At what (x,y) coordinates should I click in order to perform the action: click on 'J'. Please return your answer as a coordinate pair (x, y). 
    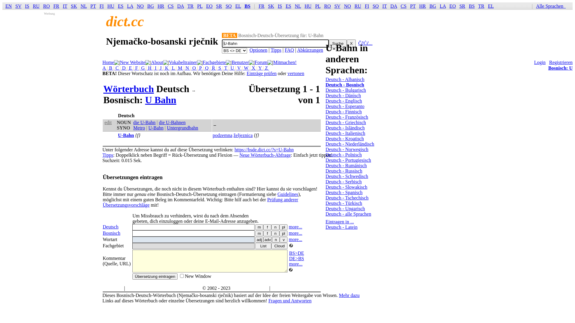
    Looking at the image, I should click on (161, 68).